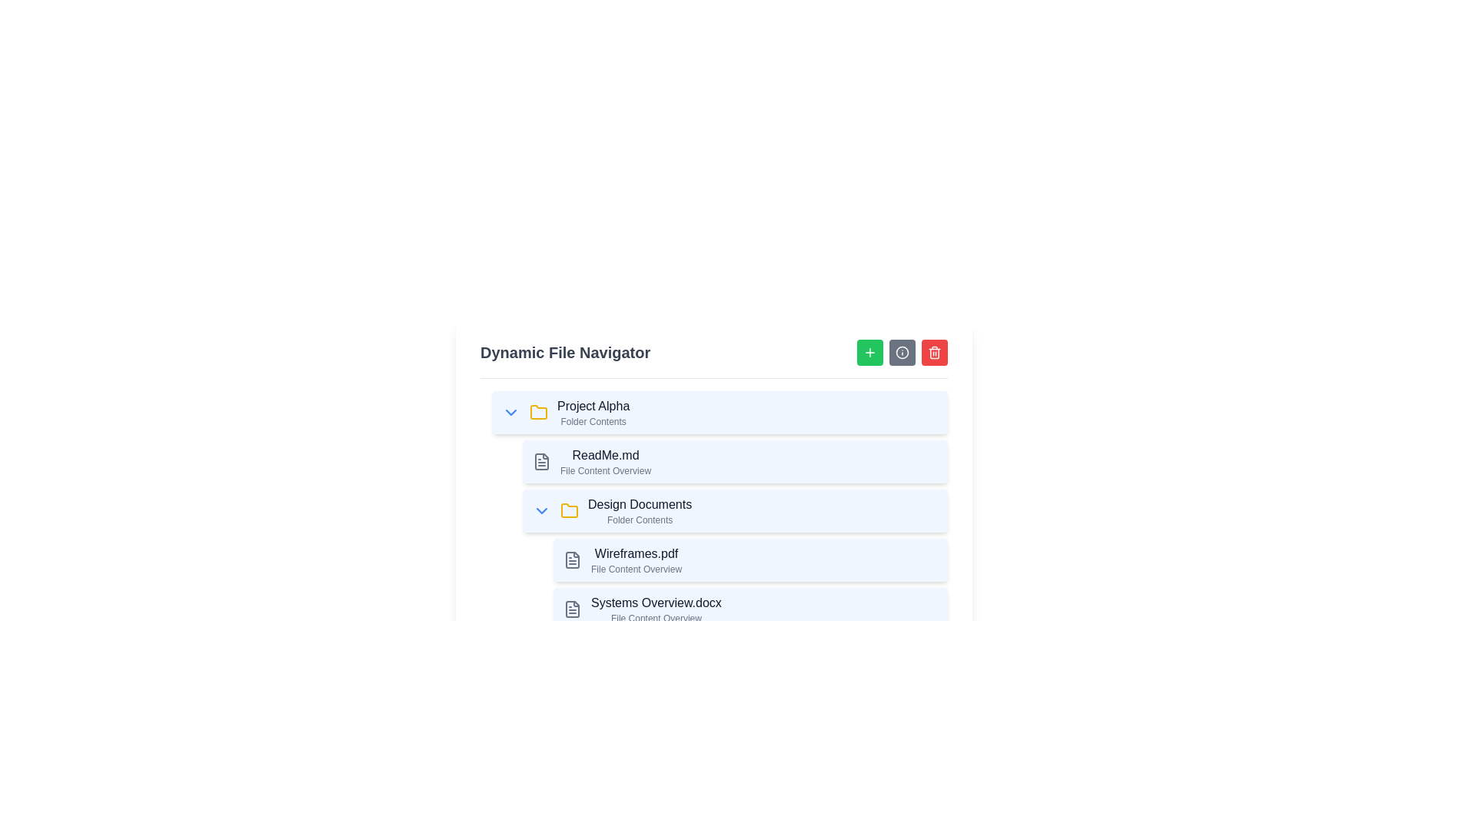 This screenshot has width=1476, height=830. What do you see at coordinates (734, 461) in the screenshot?
I see `on the 'ReadMe.md' file item element located below the 'Project Alpha' folder in the file navigation system` at bounding box center [734, 461].